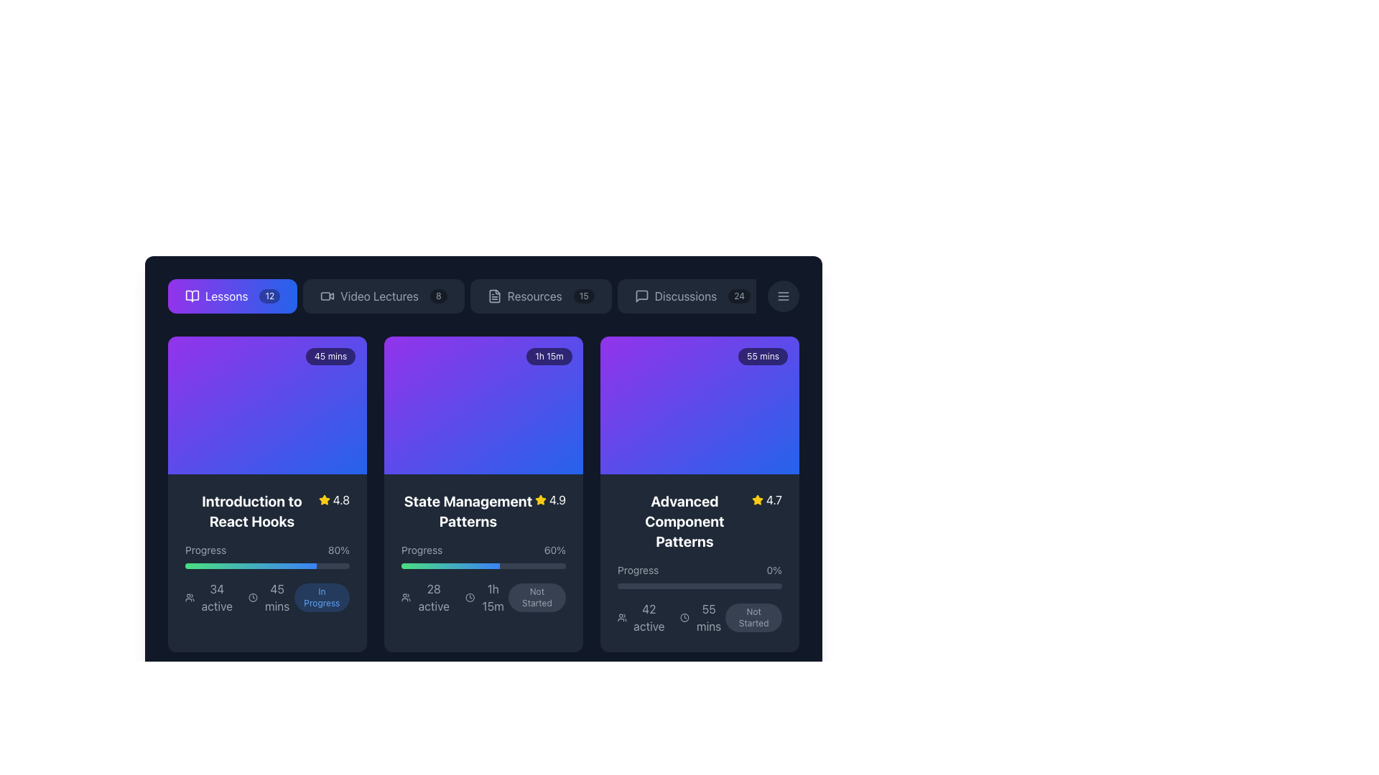 The width and height of the screenshot is (1379, 775). What do you see at coordinates (739, 295) in the screenshot?
I see `the numerical badge displaying '24' inside the 'Discussions' button, which has a black semi-transparent background and rounded edges` at bounding box center [739, 295].